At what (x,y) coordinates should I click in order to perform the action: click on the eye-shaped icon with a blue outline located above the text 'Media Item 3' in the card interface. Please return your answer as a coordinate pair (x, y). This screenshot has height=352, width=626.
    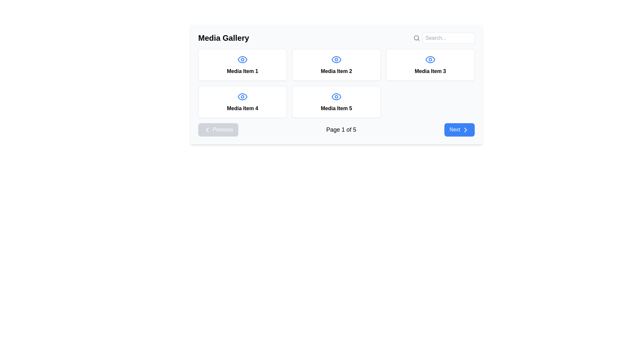
    Looking at the image, I should click on (430, 59).